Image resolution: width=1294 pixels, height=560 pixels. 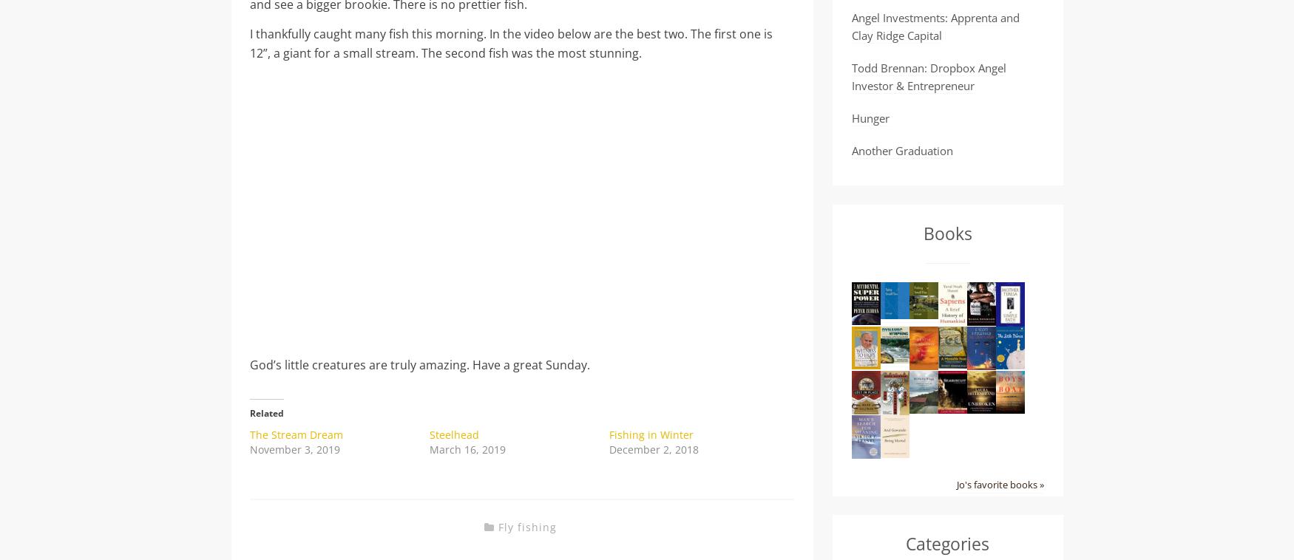 I want to click on 'Todd Brennan: Dropbox Angel Investor & Entrepreneur', so click(x=927, y=75).